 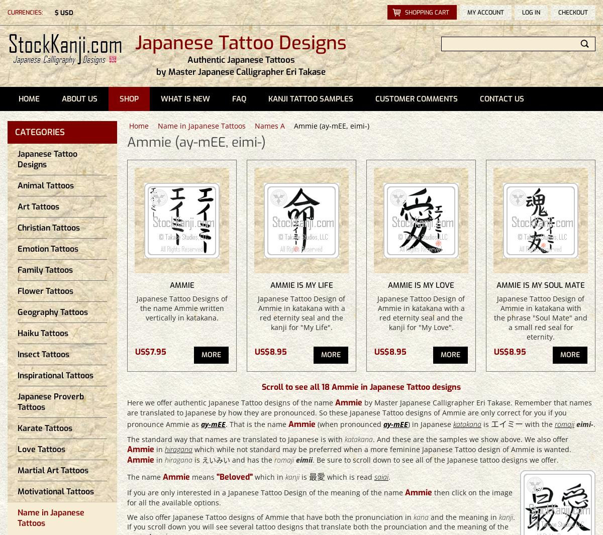 What do you see at coordinates (156, 71) in the screenshot?
I see `'by Master Japanese Calligrapher Eri Takase'` at bounding box center [156, 71].